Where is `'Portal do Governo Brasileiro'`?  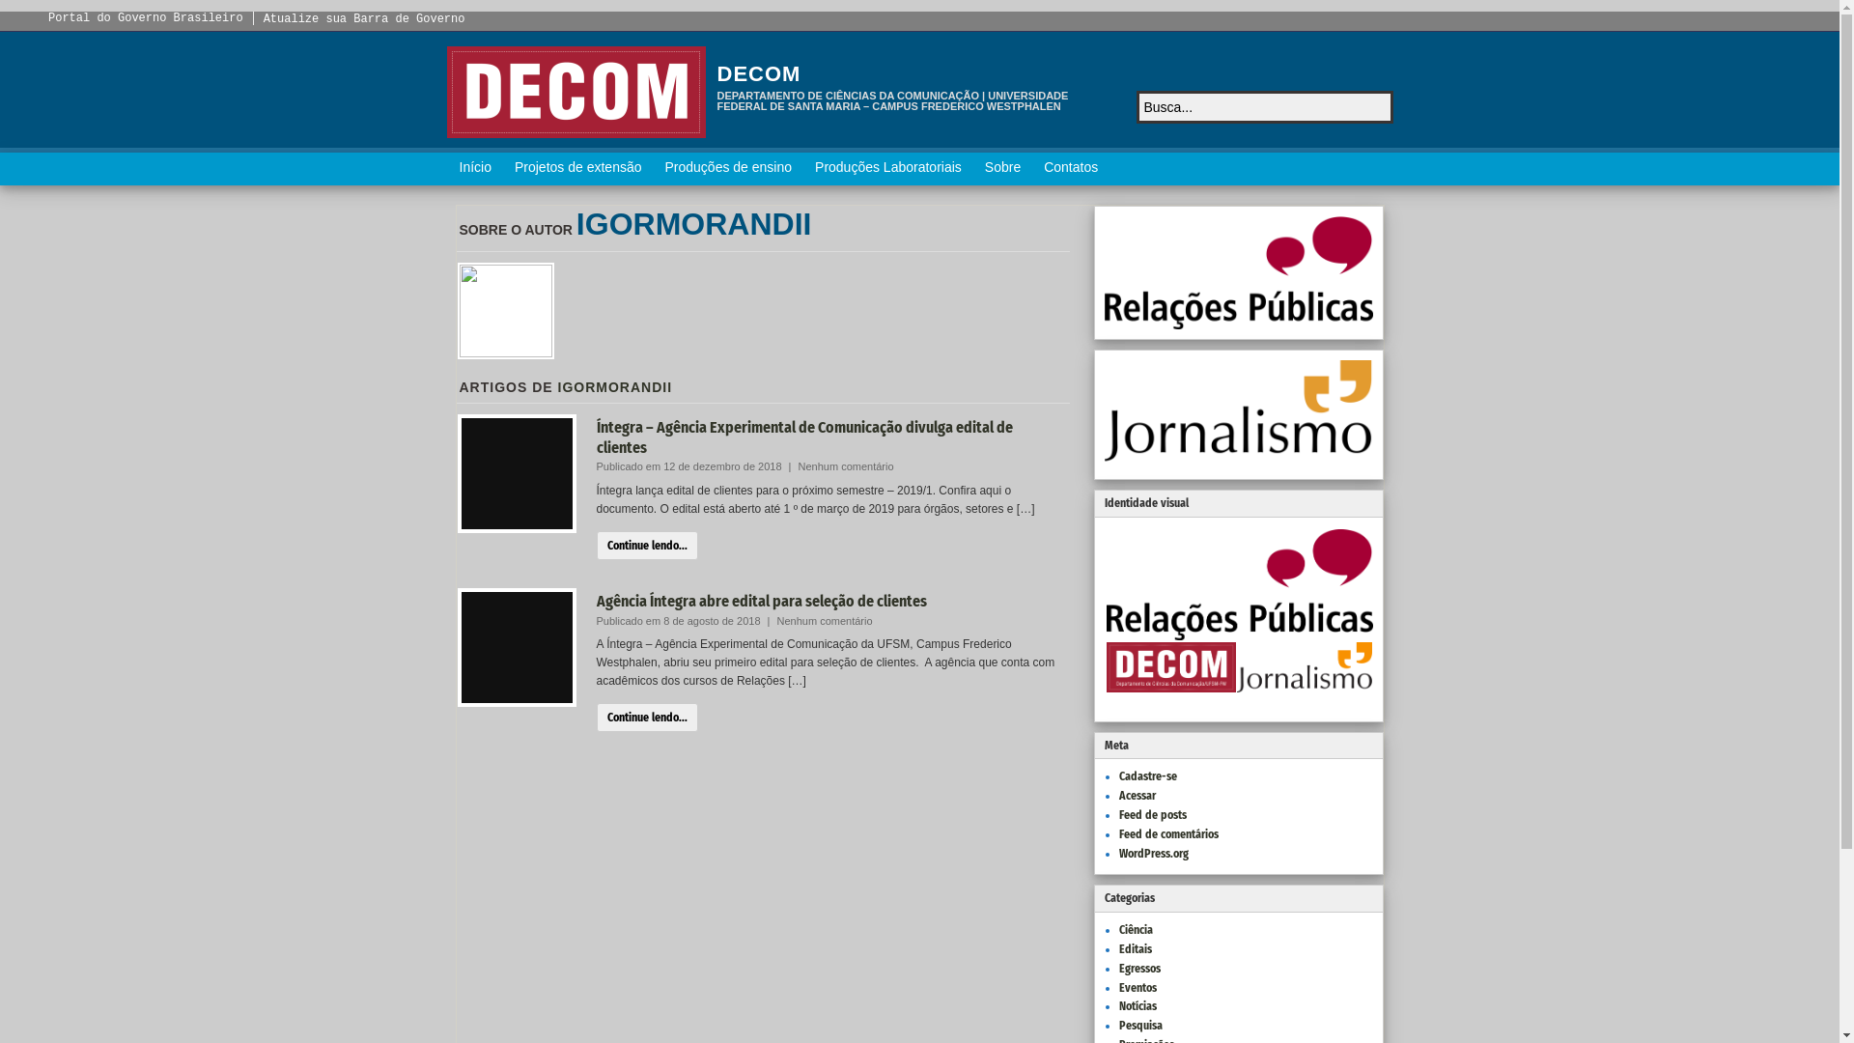
'Portal do Governo Brasileiro' is located at coordinates (144, 18).